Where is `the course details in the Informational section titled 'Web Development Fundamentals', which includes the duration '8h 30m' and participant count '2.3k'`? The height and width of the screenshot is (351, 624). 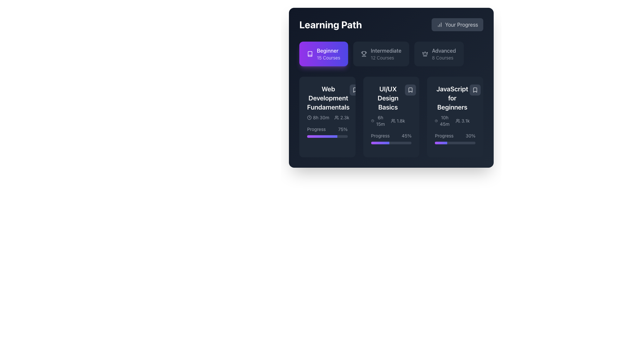
the course details in the Informational section titled 'Web Development Fundamentals', which includes the duration '8h 30m' and participant count '2.3k' is located at coordinates (328, 102).